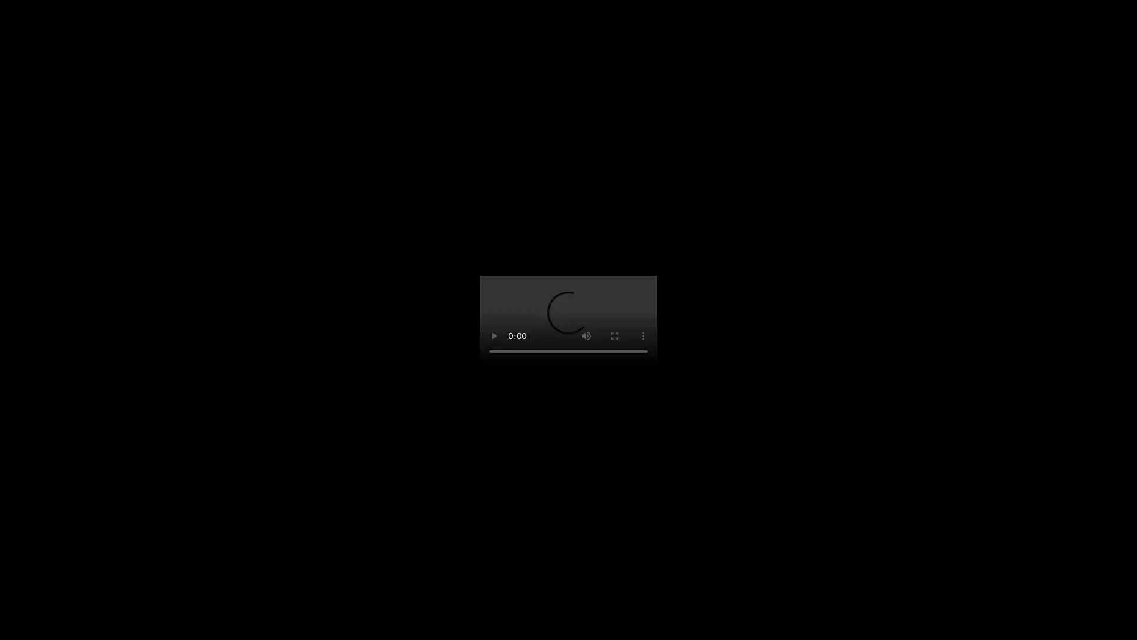 This screenshot has width=1137, height=640. Describe the element at coordinates (586, 336) in the screenshot. I see `mute` at that location.